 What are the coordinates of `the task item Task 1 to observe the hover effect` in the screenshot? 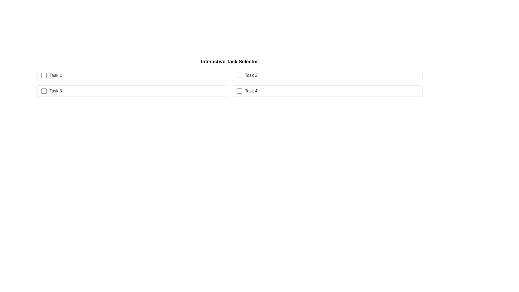 It's located at (132, 75).